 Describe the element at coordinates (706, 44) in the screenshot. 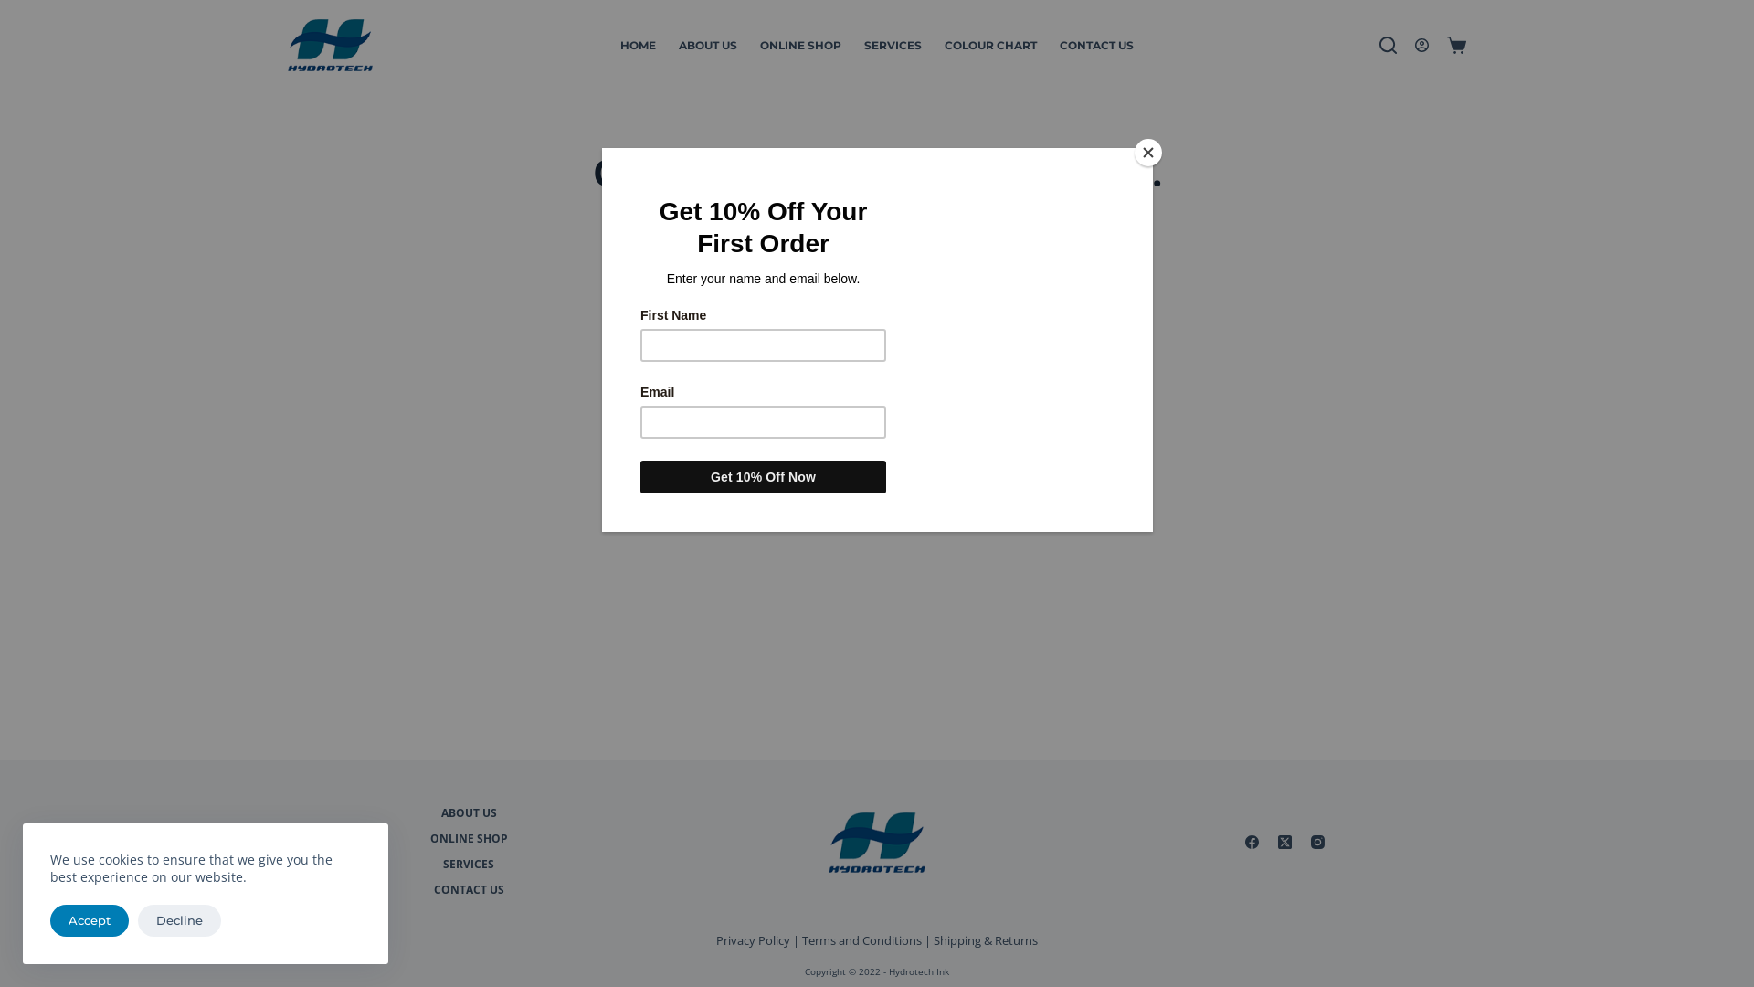

I see `'ABOUT US'` at that location.